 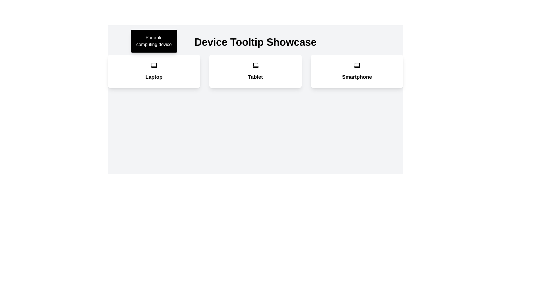 I want to click on the 'Laptop' text label, which is displayed in bold, large font as part of a card-like UI component located at the bottom of a rounded, shadowed card layout, so click(x=154, y=77).